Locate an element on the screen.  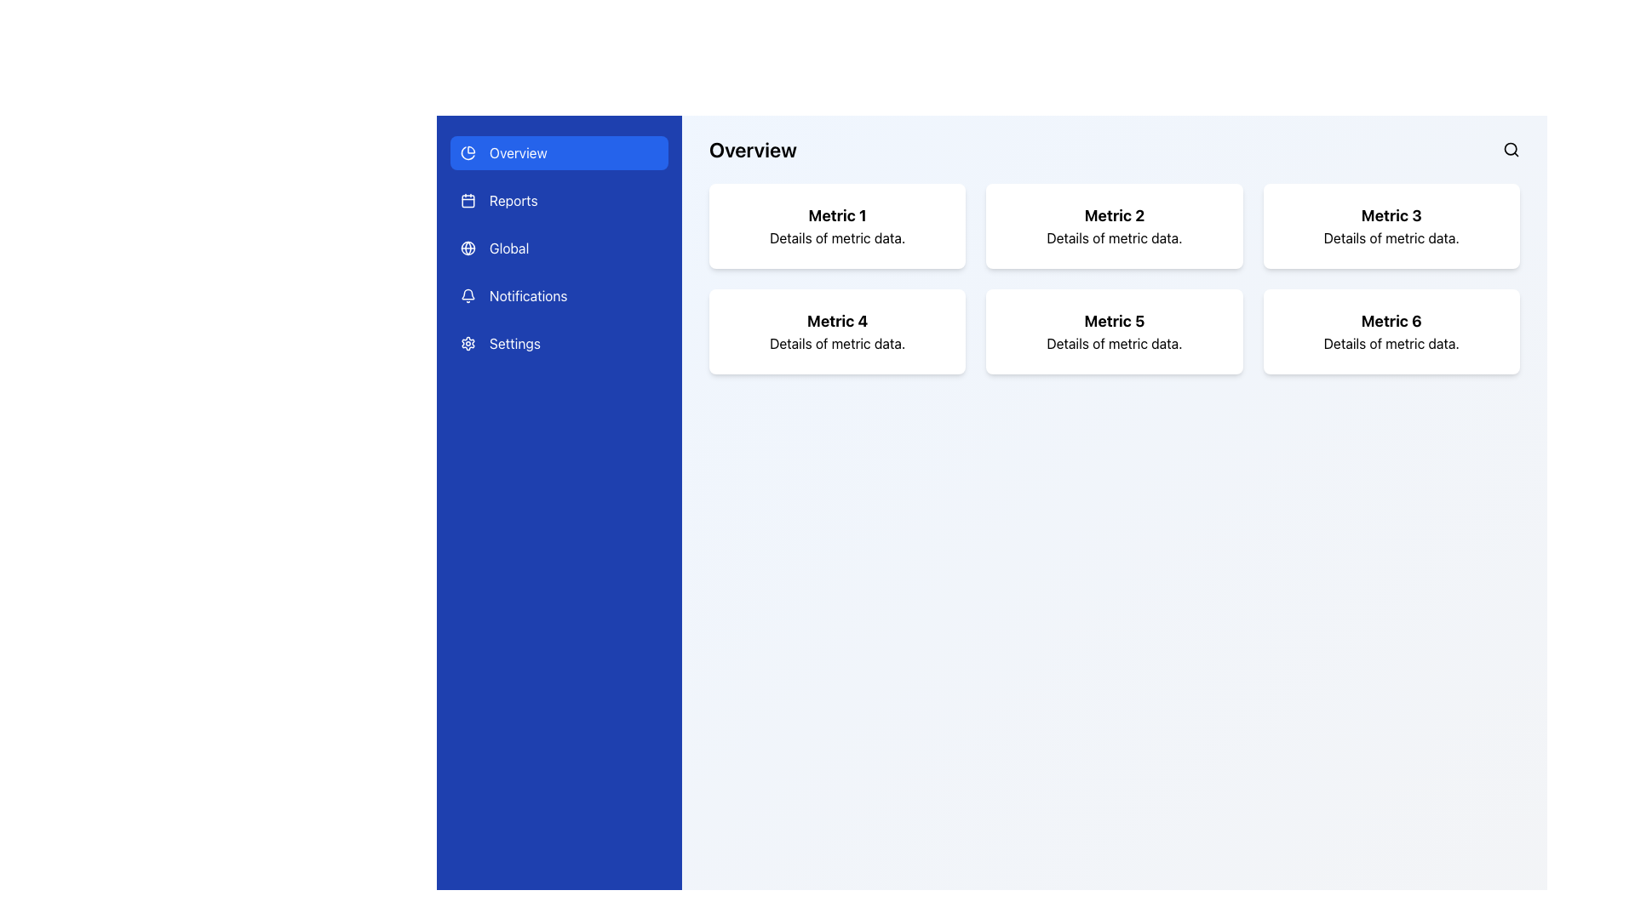
the static text label that provides information about 'Metric 6', located in the bottom-right card of the grid layout, specifically the second sub-element after the 'Metric 6' heading is located at coordinates (1391, 344).